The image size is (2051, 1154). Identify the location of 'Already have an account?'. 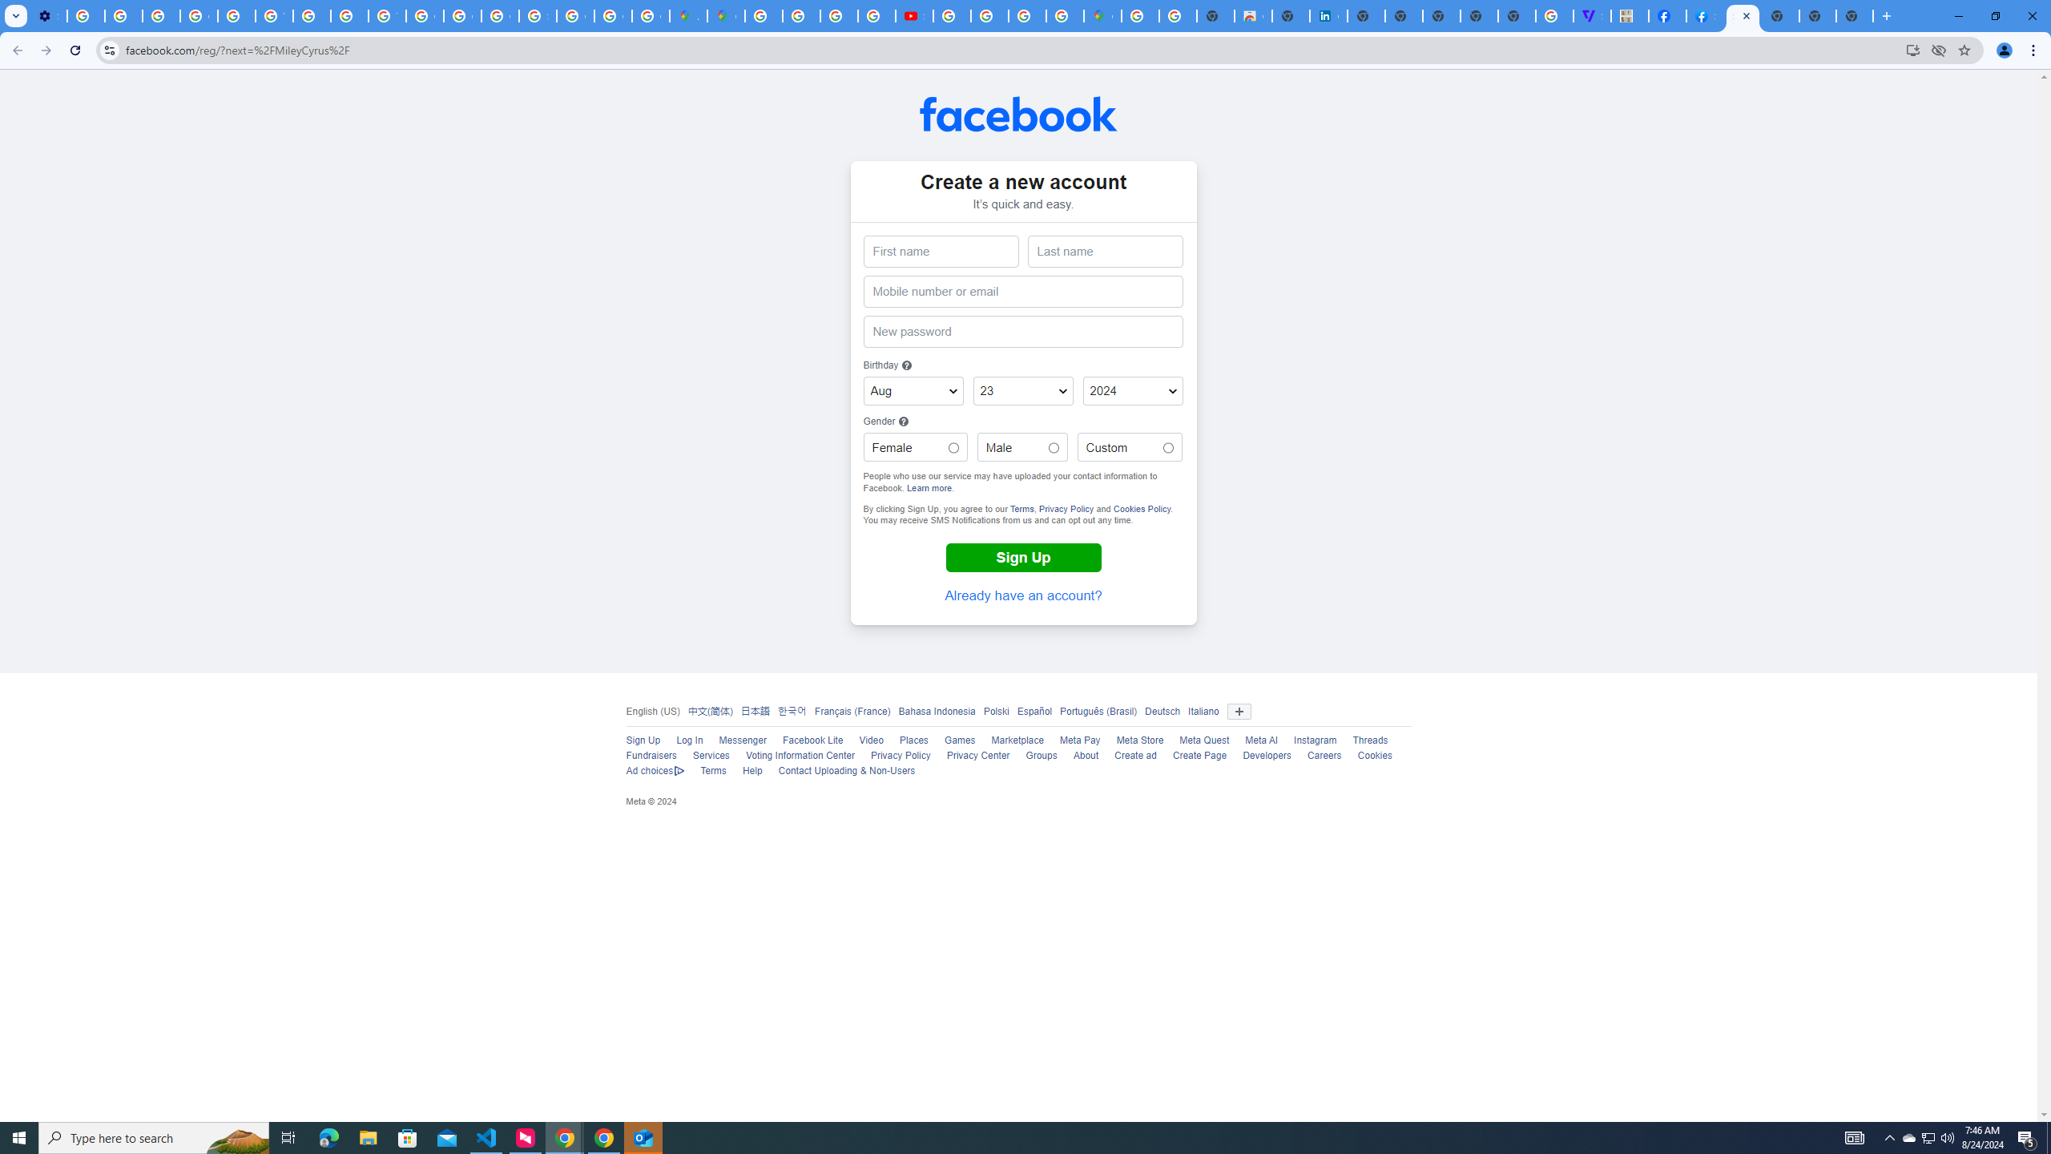
(1023, 595).